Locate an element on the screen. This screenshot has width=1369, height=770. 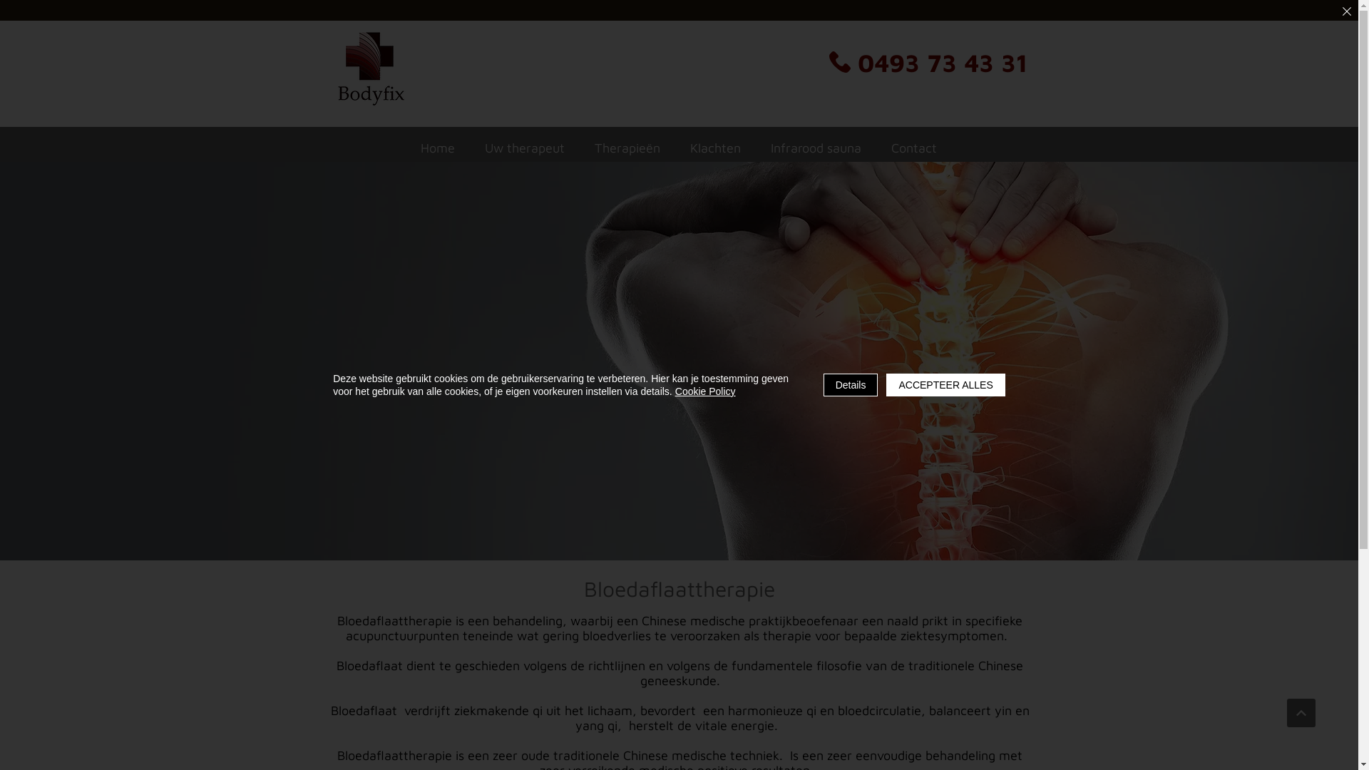
'Infrarood sauna' is located at coordinates (758, 148).